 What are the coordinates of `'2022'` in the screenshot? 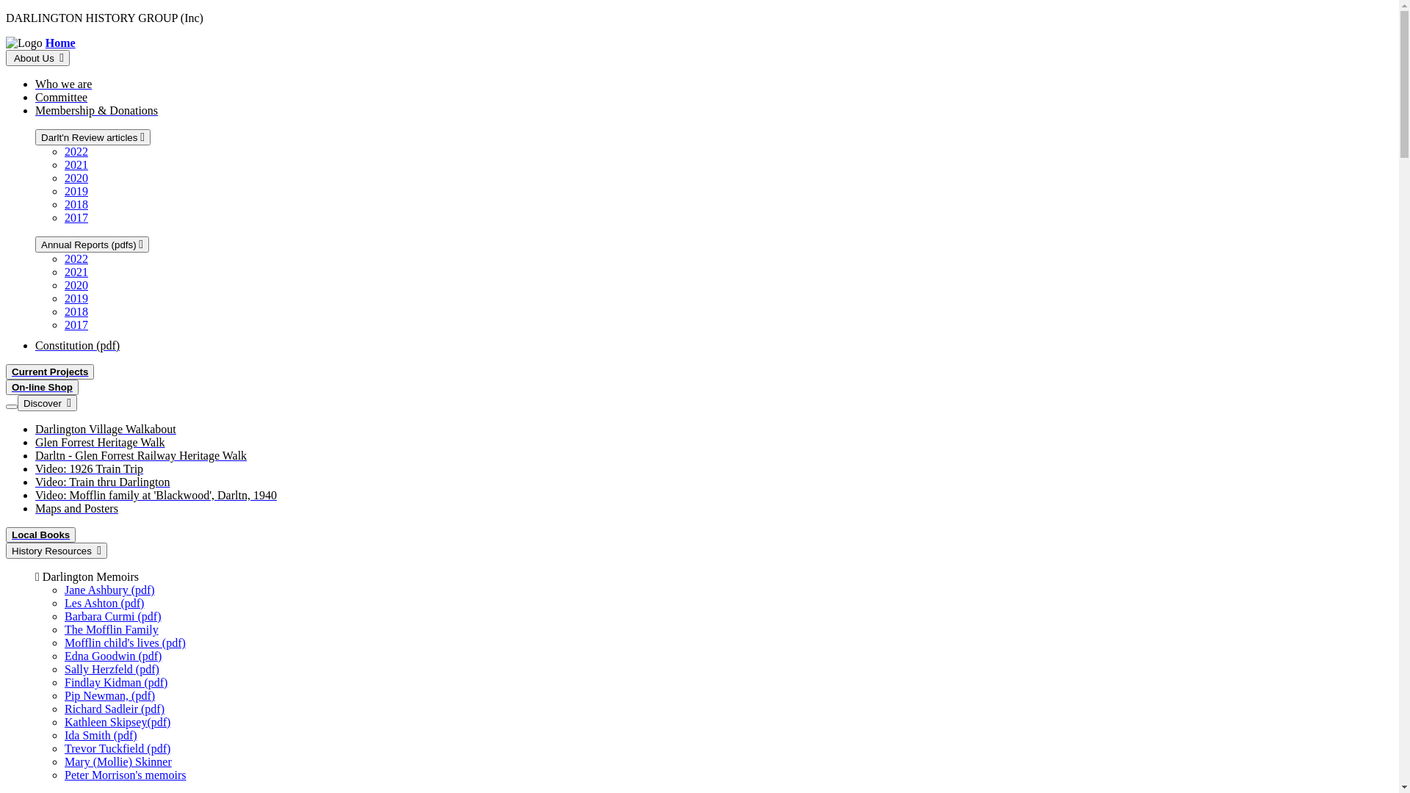 It's located at (76, 151).